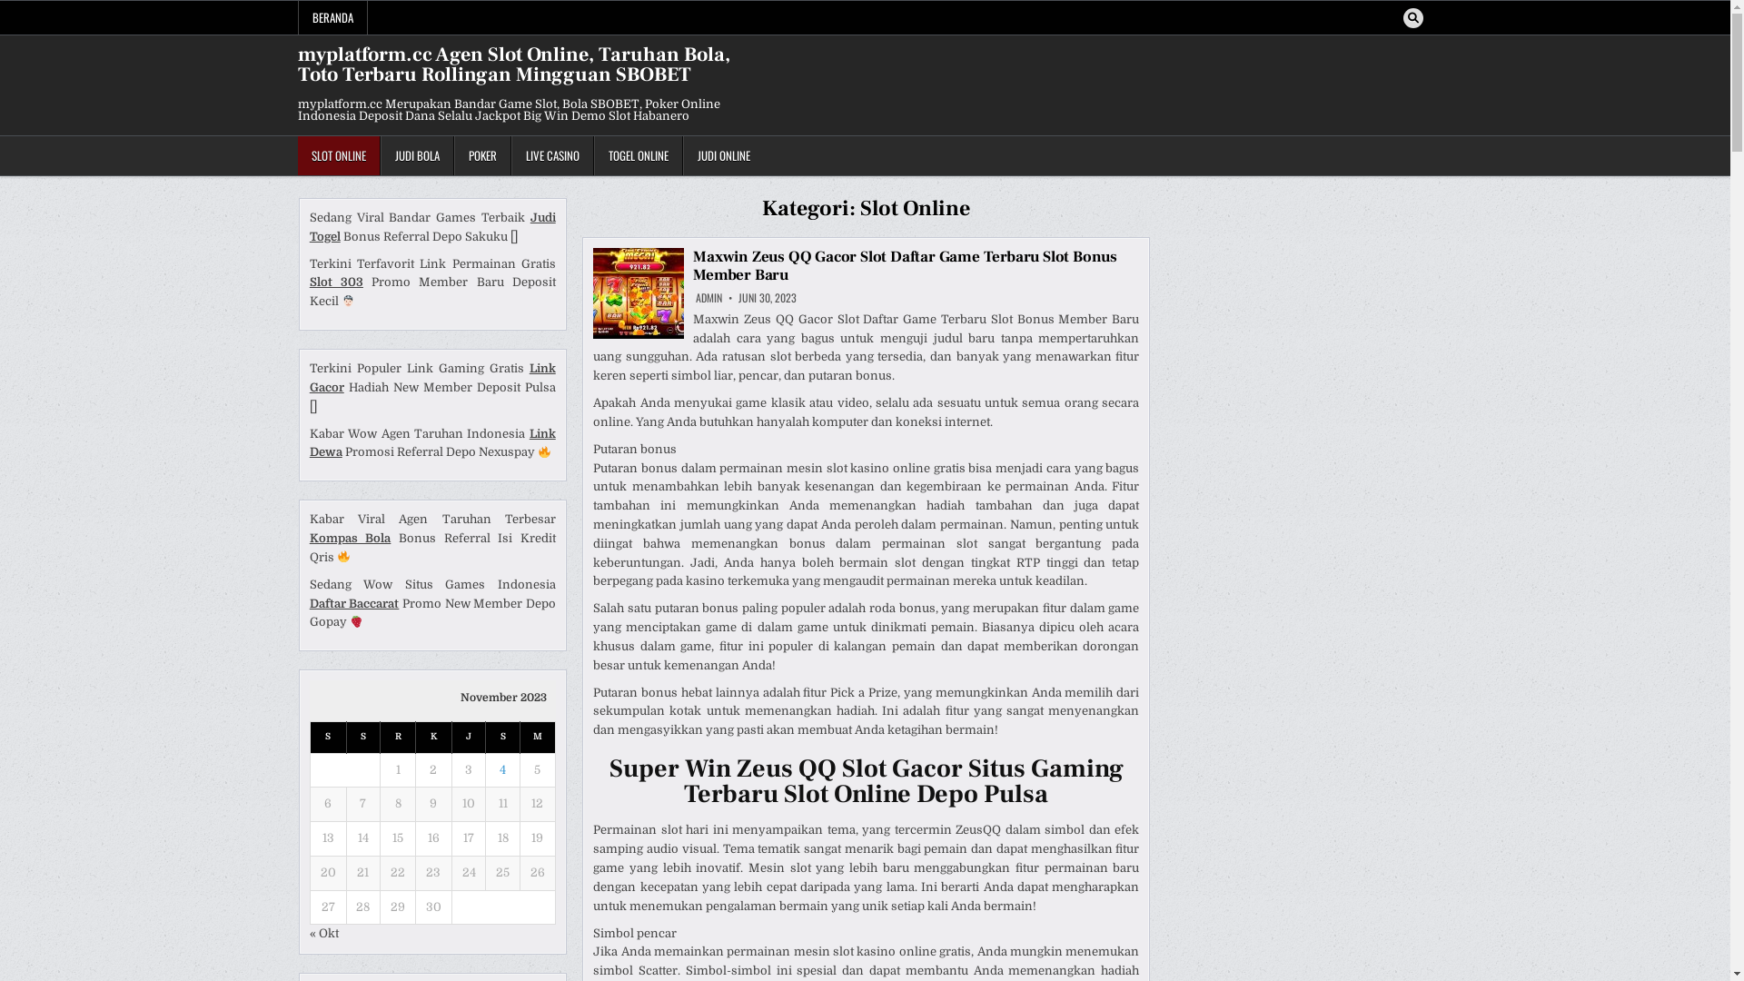 This screenshot has width=1744, height=981. I want to click on 'Kompas Bola', so click(350, 537).